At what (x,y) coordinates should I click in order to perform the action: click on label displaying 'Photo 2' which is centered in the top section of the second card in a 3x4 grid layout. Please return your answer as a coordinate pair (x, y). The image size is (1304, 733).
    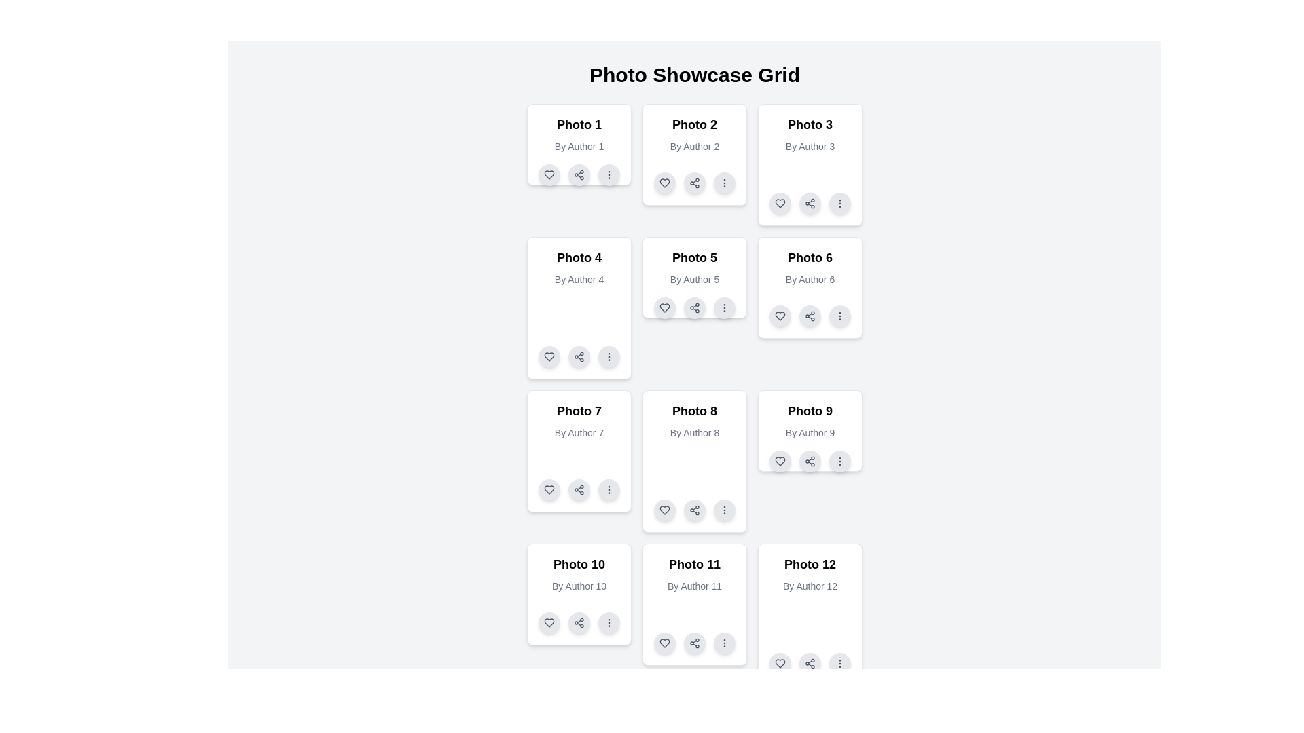
    Looking at the image, I should click on (694, 125).